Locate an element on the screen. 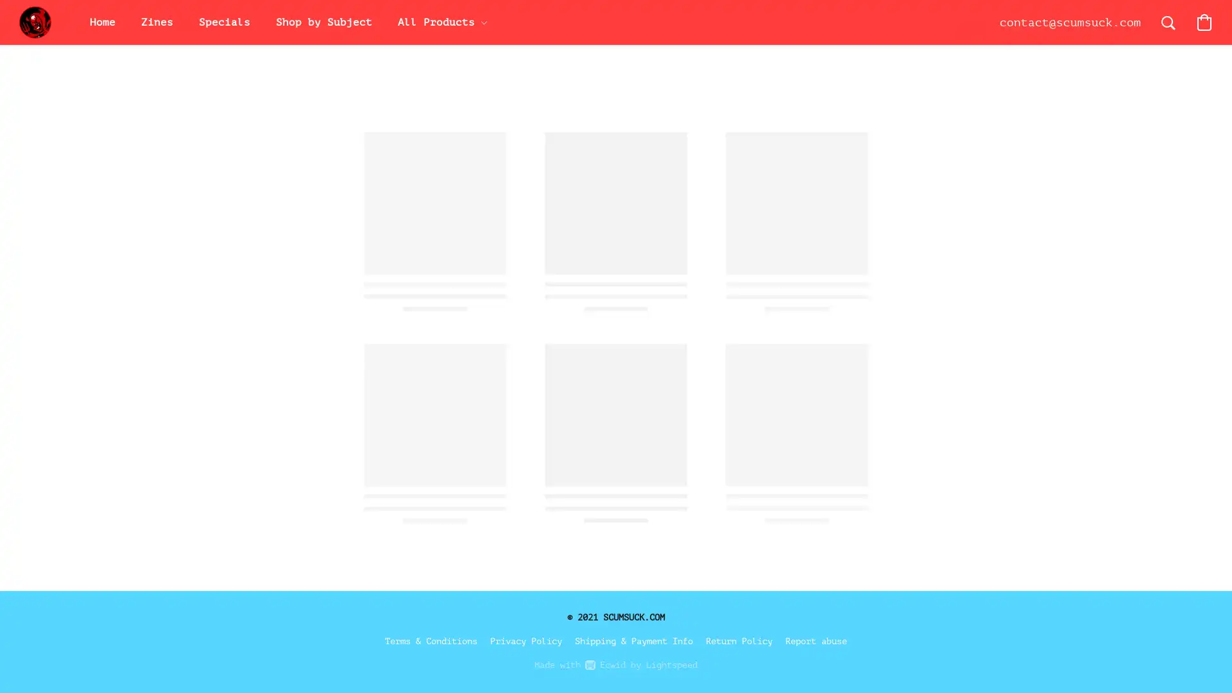  Add to Bag is located at coordinates (841, 323).